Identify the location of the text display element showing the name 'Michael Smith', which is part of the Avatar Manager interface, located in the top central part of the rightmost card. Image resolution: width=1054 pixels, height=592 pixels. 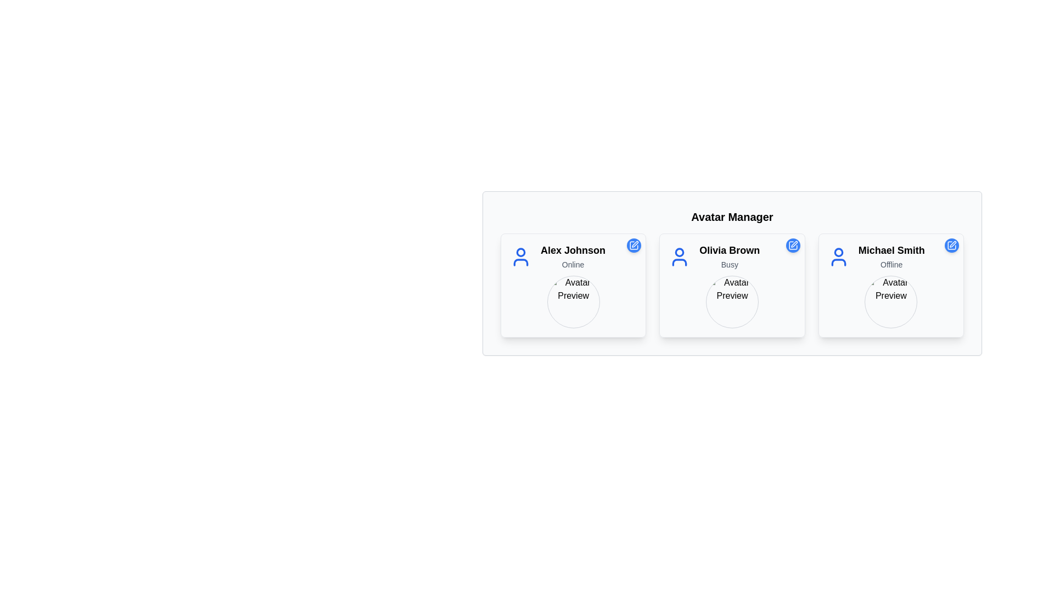
(892, 250).